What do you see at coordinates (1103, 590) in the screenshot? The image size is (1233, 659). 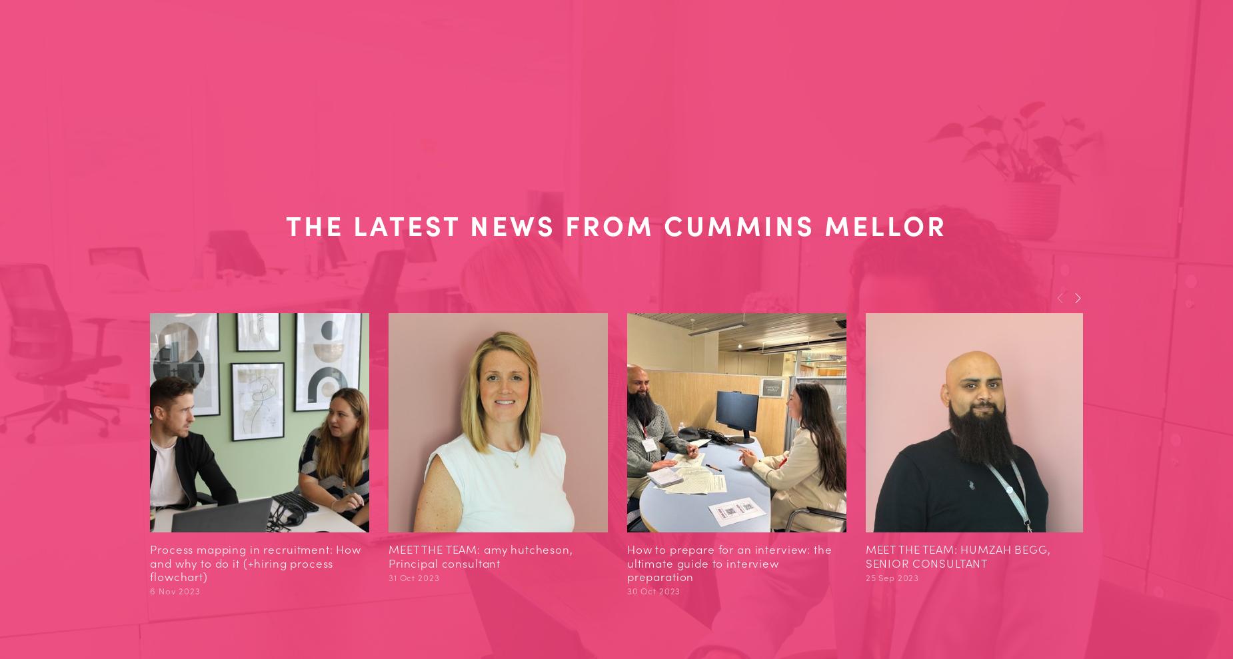 I see `'18 Sep 2023'` at bounding box center [1103, 590].